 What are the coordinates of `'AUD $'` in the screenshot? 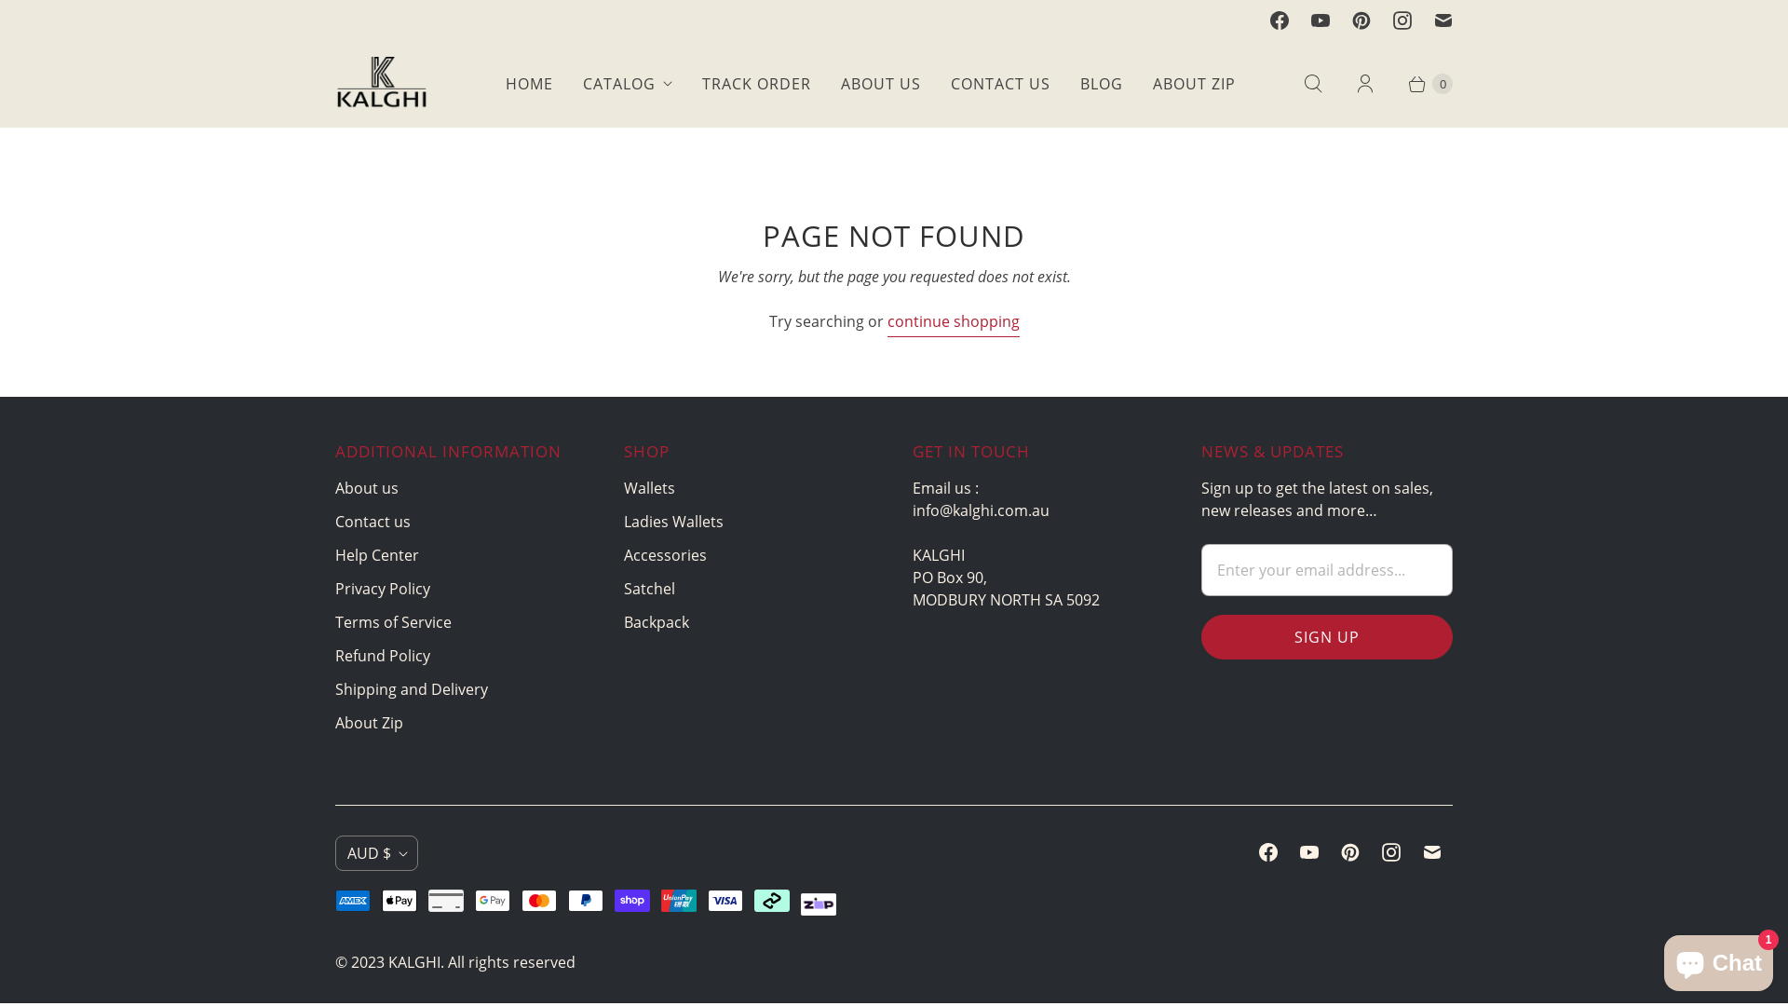 It's located at (375, 852).